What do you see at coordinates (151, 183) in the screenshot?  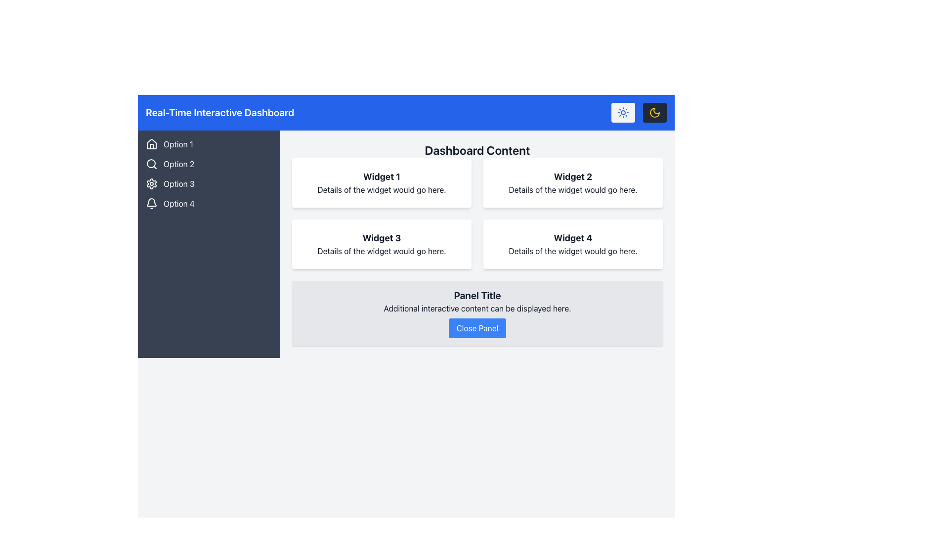 I see `the gear-shaped icon in the 'Option 3' group of the vertical navigation menu` at bounding box center [151, 183].